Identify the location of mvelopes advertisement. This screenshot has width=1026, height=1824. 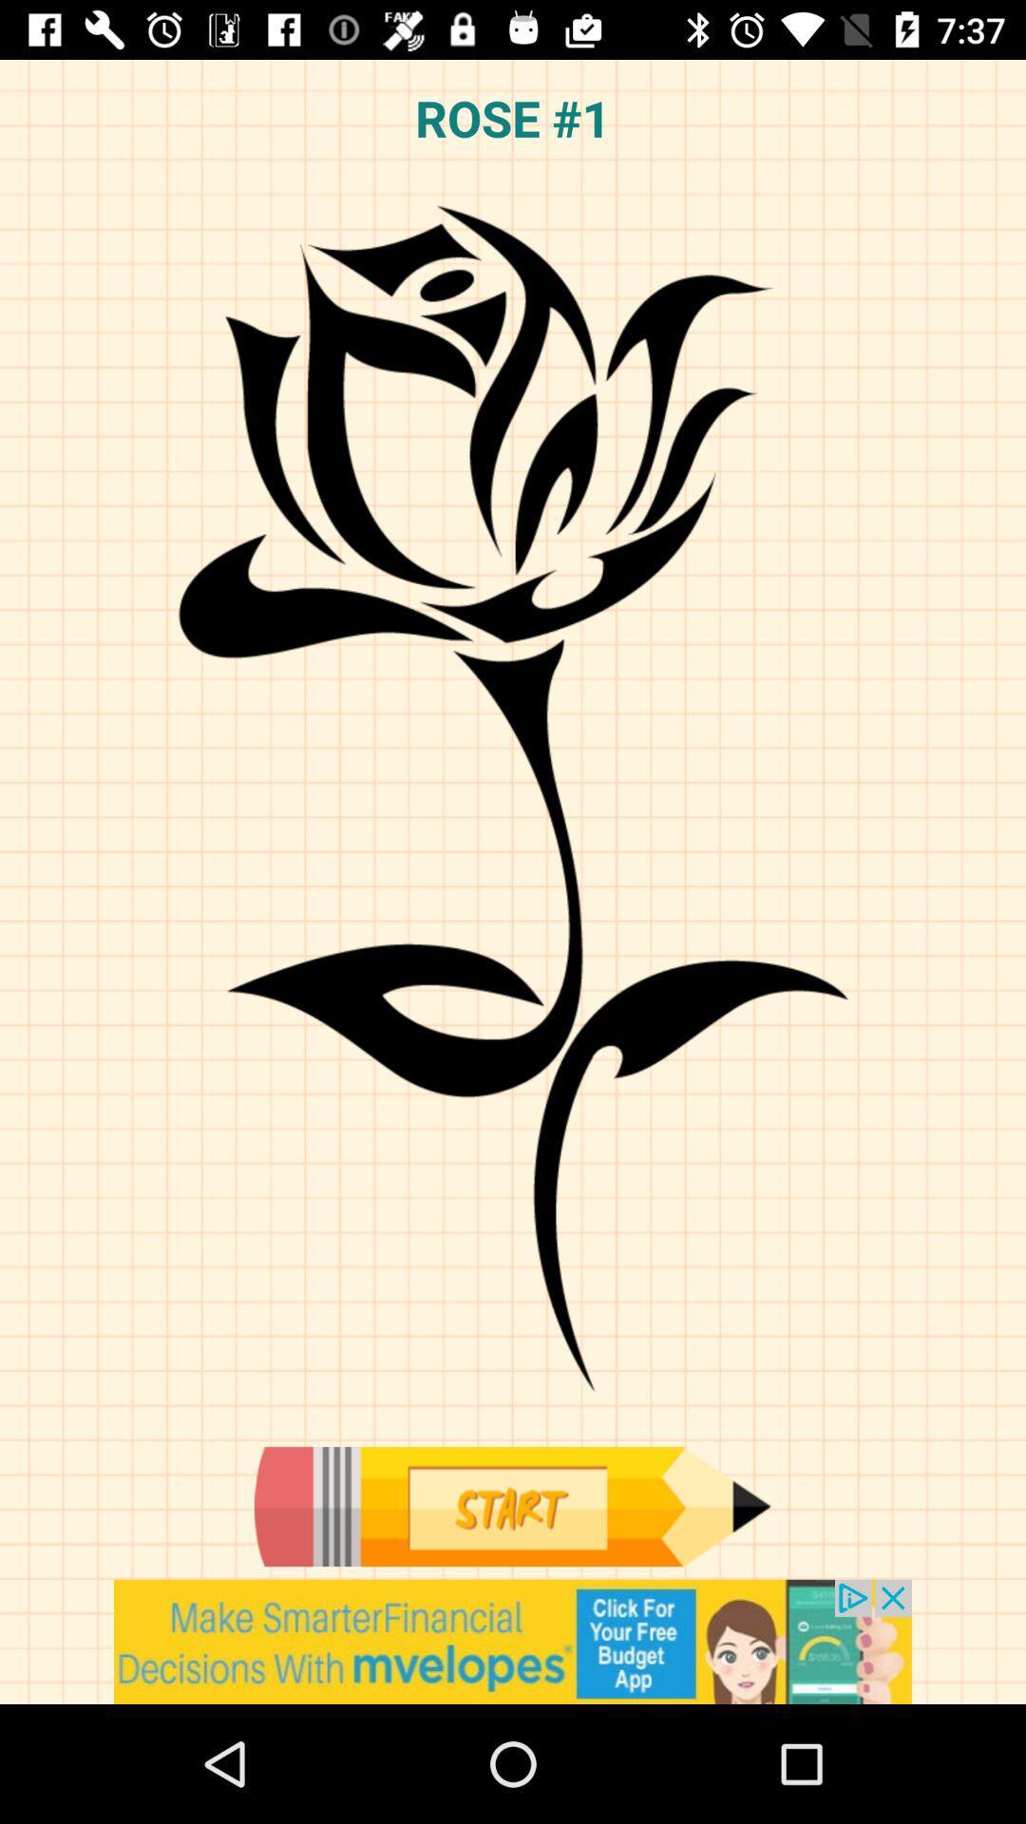
(513, 1641).